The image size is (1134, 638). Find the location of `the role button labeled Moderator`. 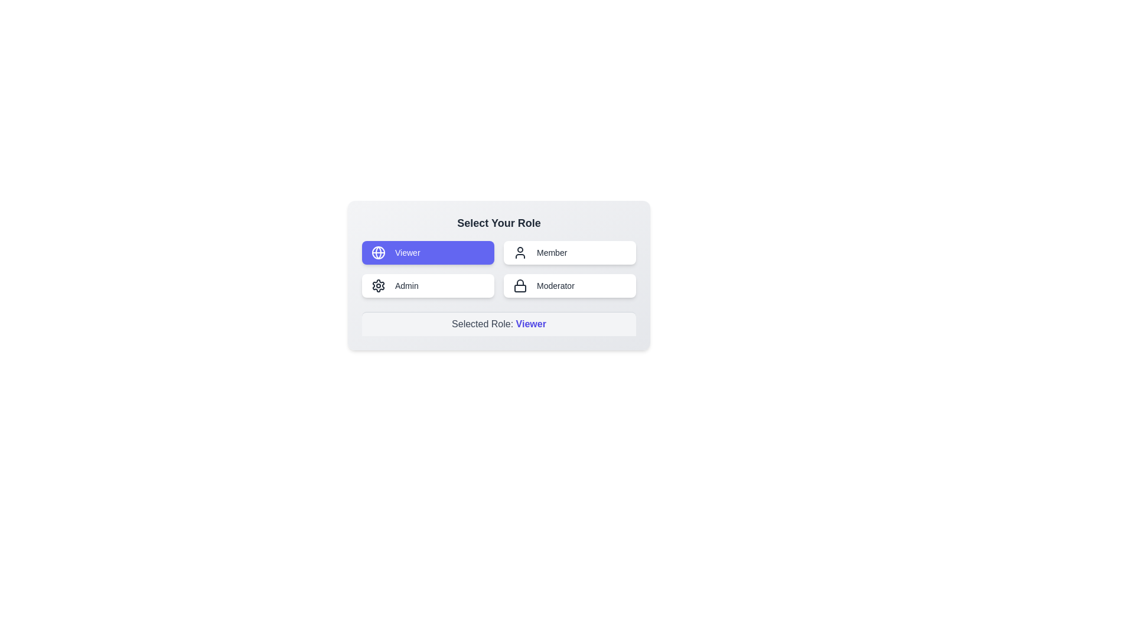

the role button labeled Moderator is located at coordinates (569, 285).